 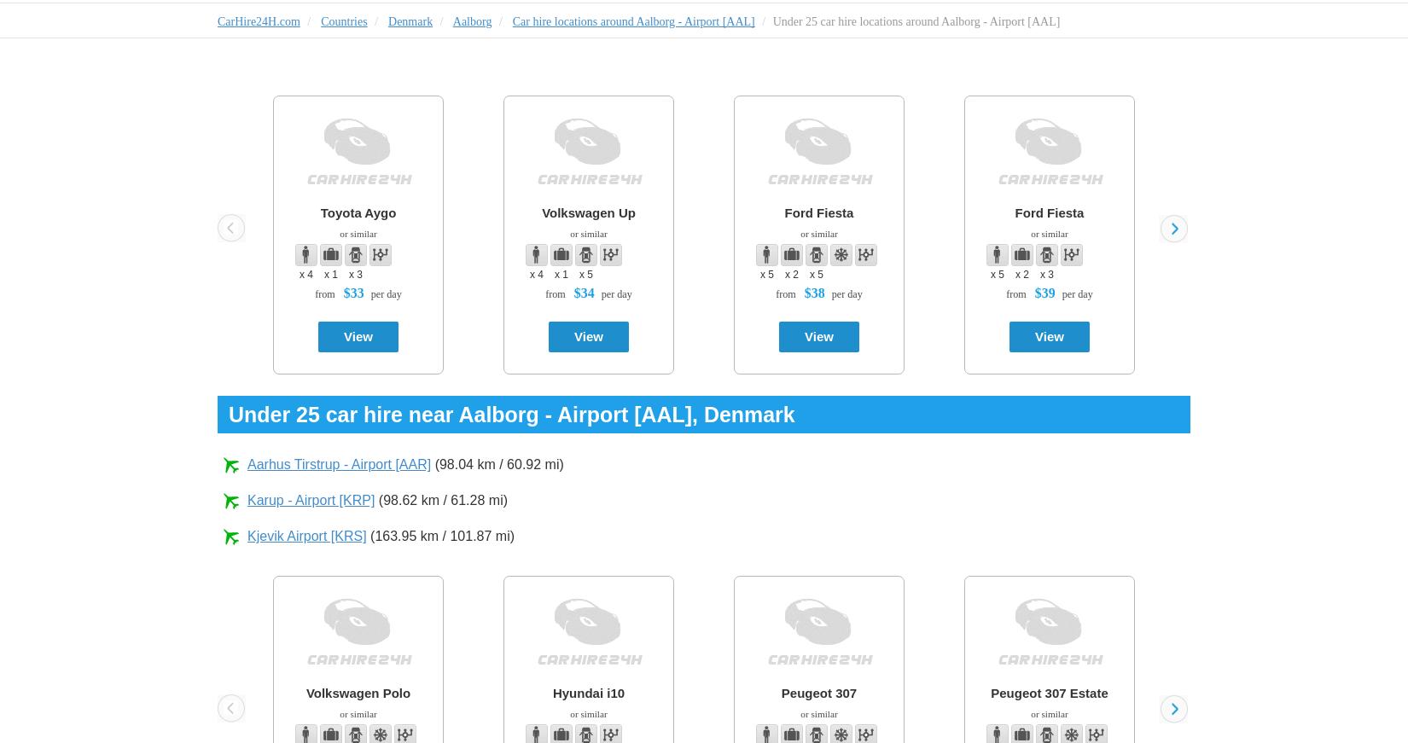 I want to click on 'Countries', so click(x=343, y=20).